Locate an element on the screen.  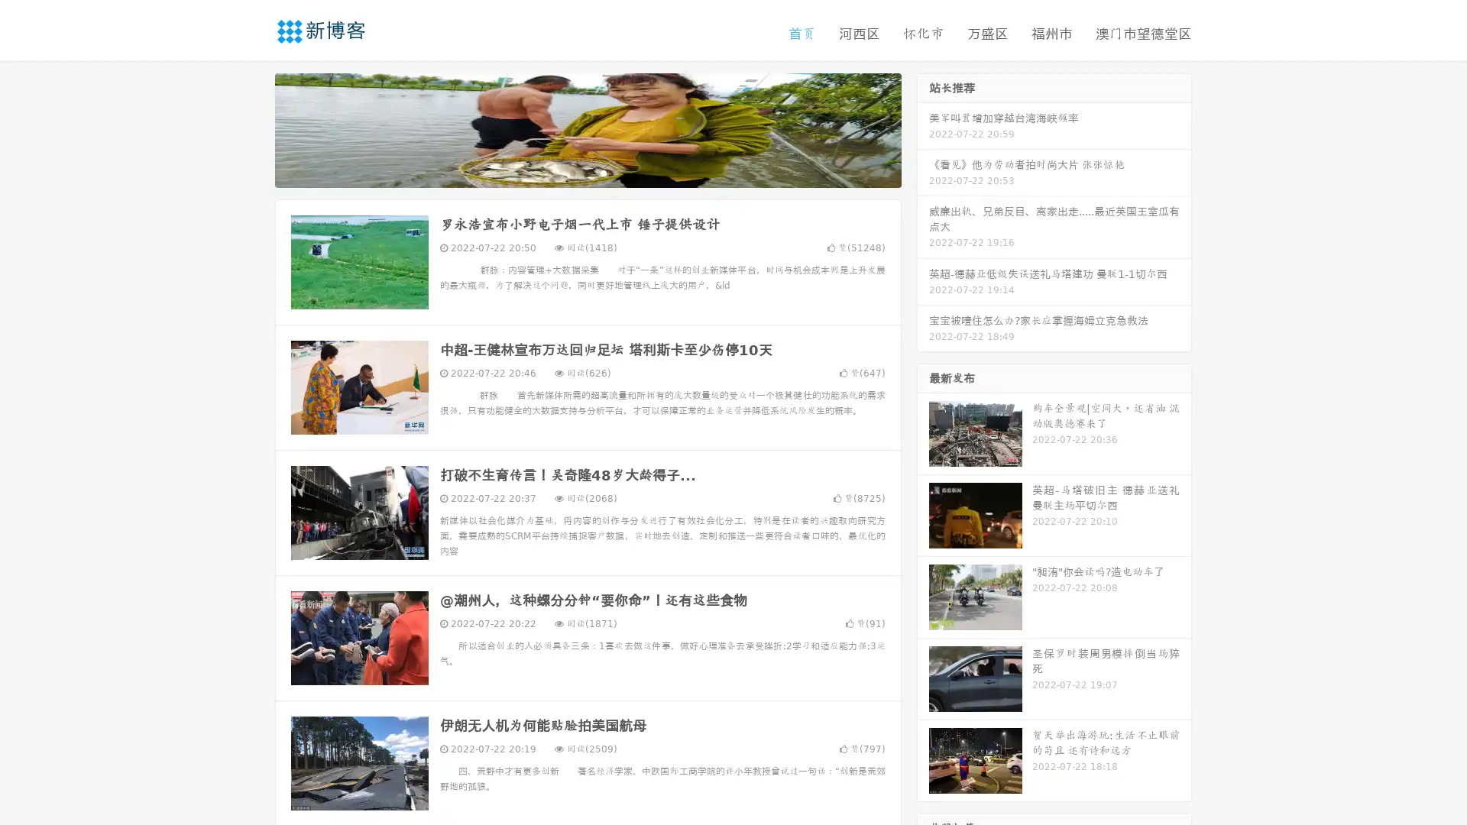
Go to slide 3 is located at coordinates (603, 172).